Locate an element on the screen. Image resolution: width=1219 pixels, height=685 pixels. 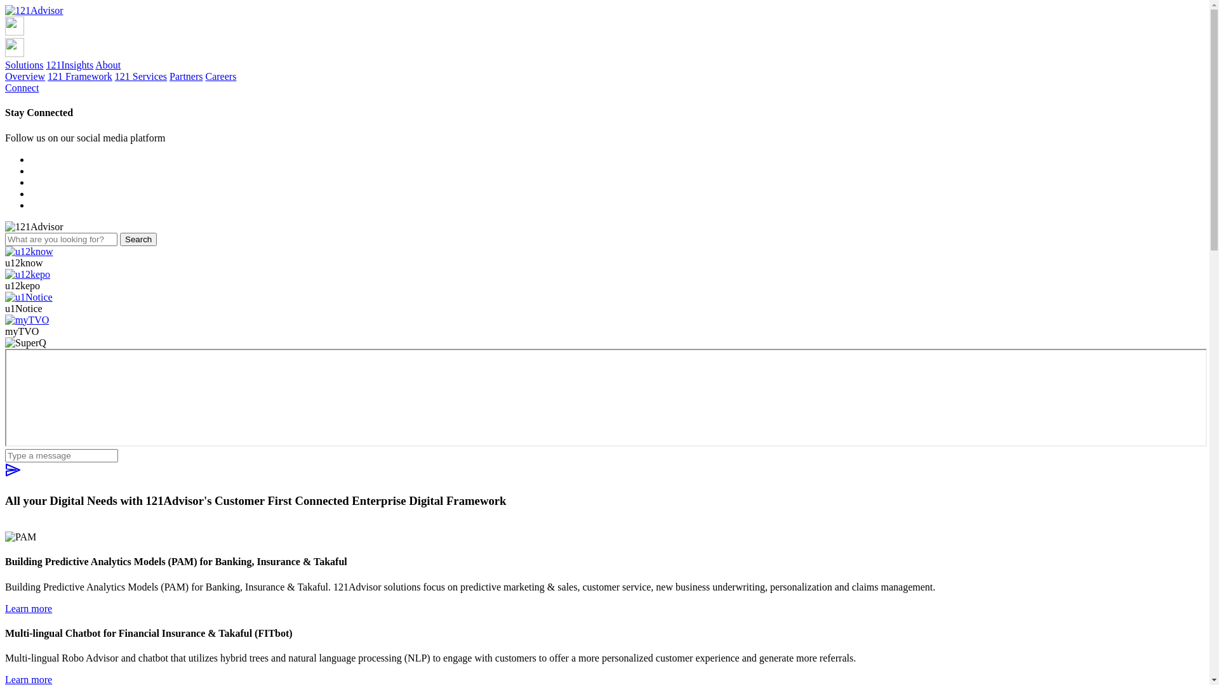
'Search' is located at coordinates (138, 239).